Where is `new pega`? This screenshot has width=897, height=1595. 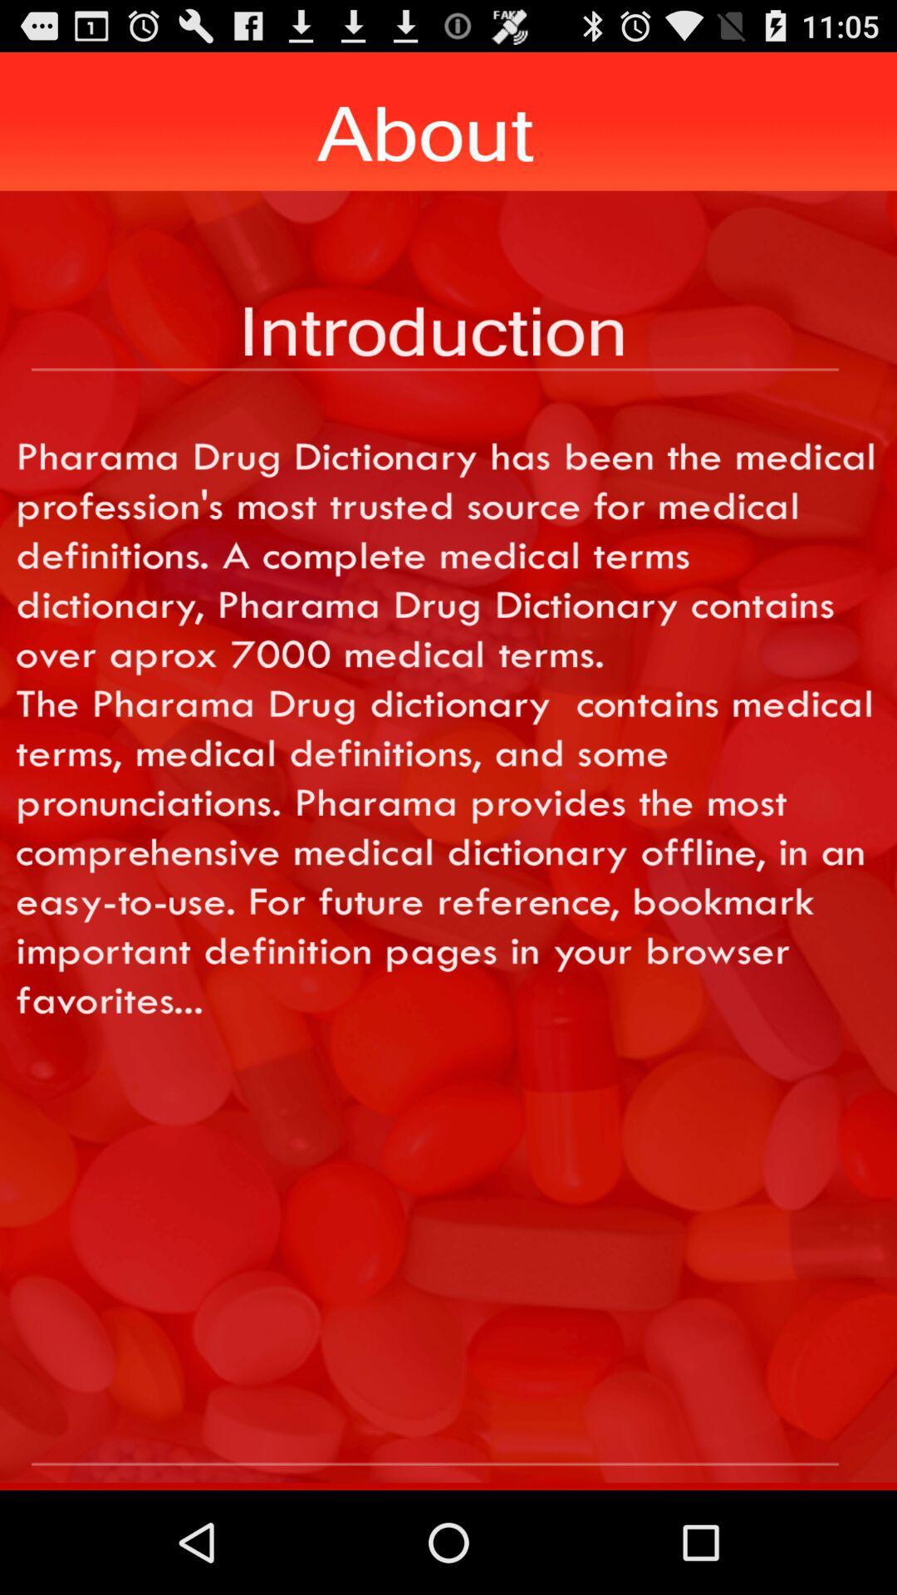
new pega is located at coordinates (448, 1435).